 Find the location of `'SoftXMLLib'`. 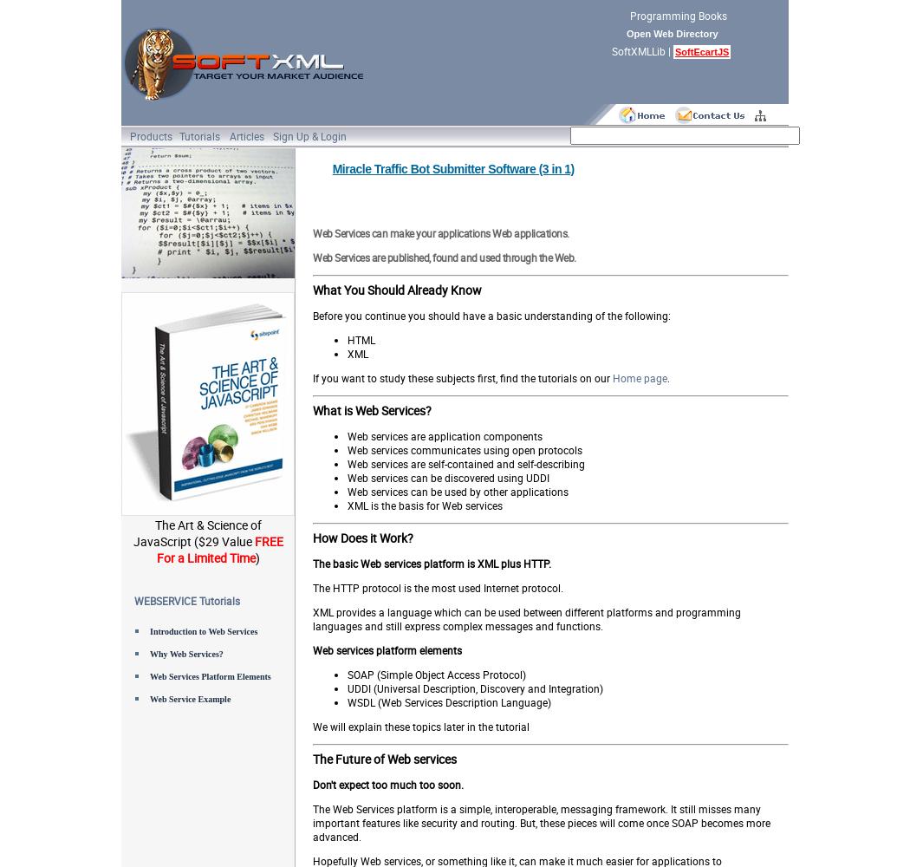

'SoftXMLLib' is located at coordinates (637, 51).